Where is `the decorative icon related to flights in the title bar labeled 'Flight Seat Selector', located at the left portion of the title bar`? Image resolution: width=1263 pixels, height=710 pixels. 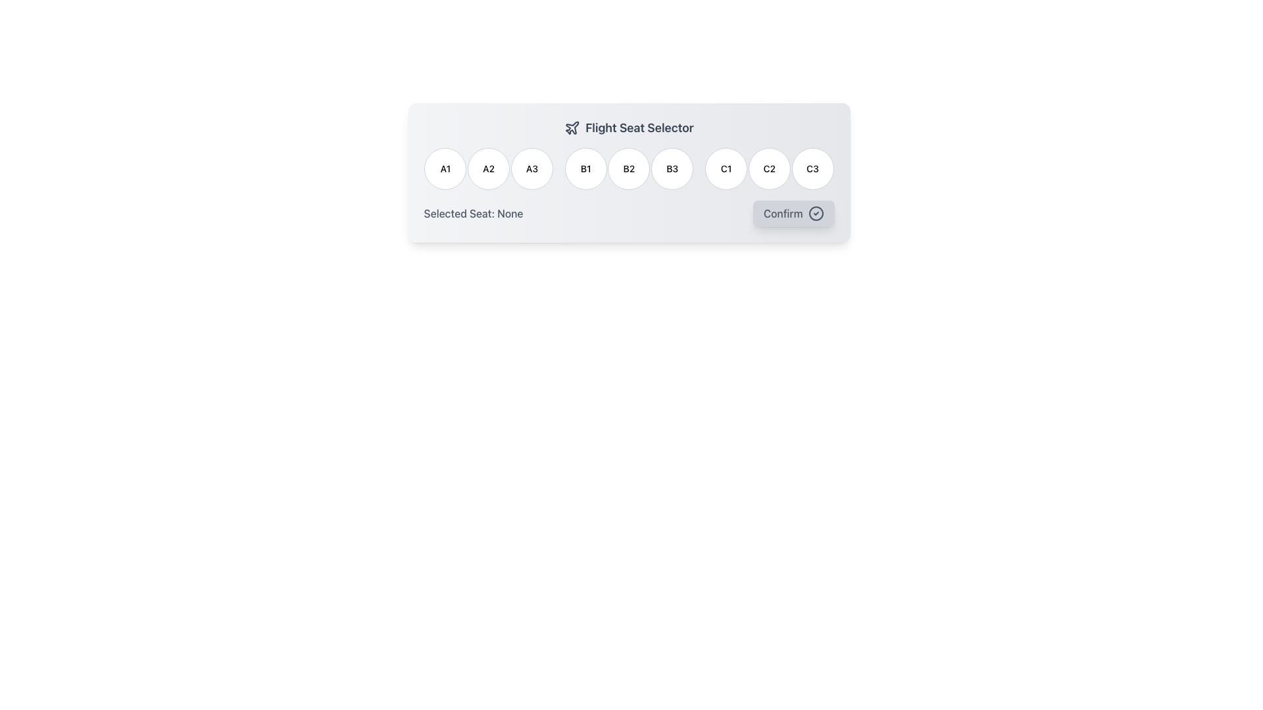
the decorative icon related to flights in the title bar labeled 'Flight Seat Selector', located at the left portion of the title bar is located at coordinates (572, 128).